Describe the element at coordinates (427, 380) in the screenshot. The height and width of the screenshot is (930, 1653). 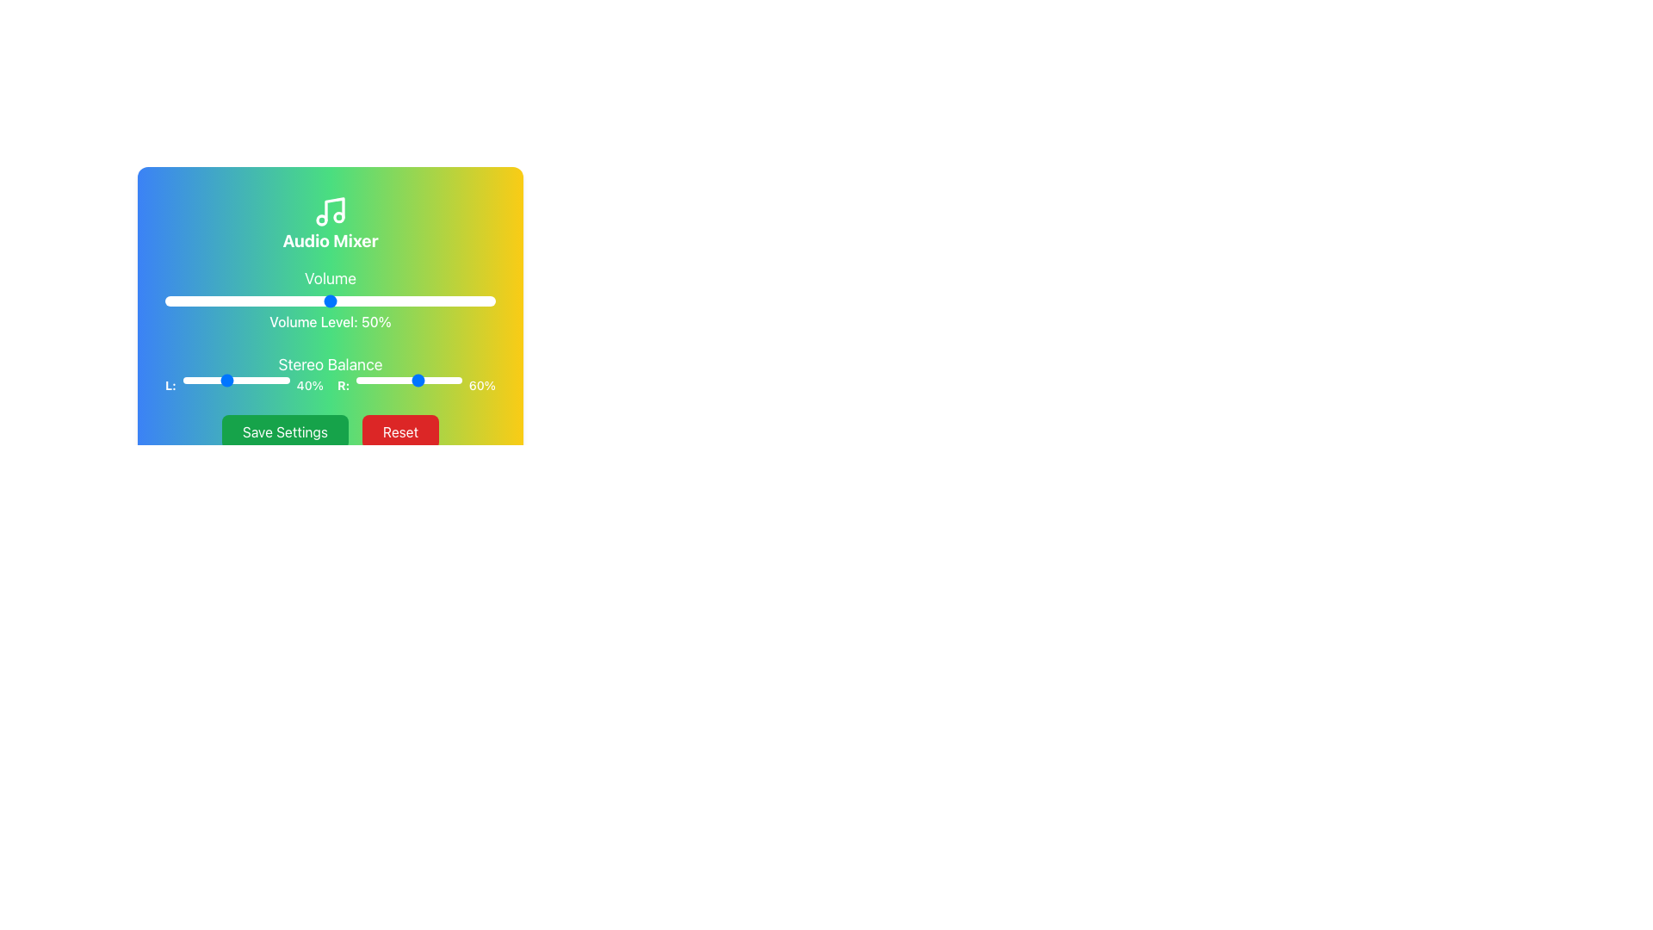
I see `the stereo balance` at that location.